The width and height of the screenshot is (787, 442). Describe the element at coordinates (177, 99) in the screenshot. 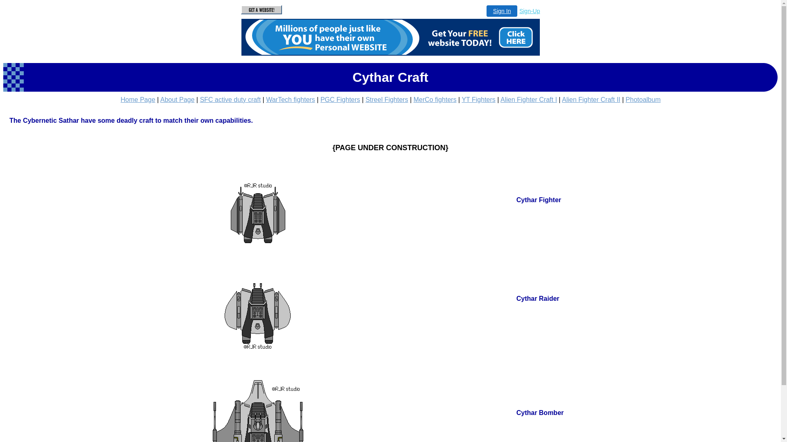

I see `'About Page'` at that location.